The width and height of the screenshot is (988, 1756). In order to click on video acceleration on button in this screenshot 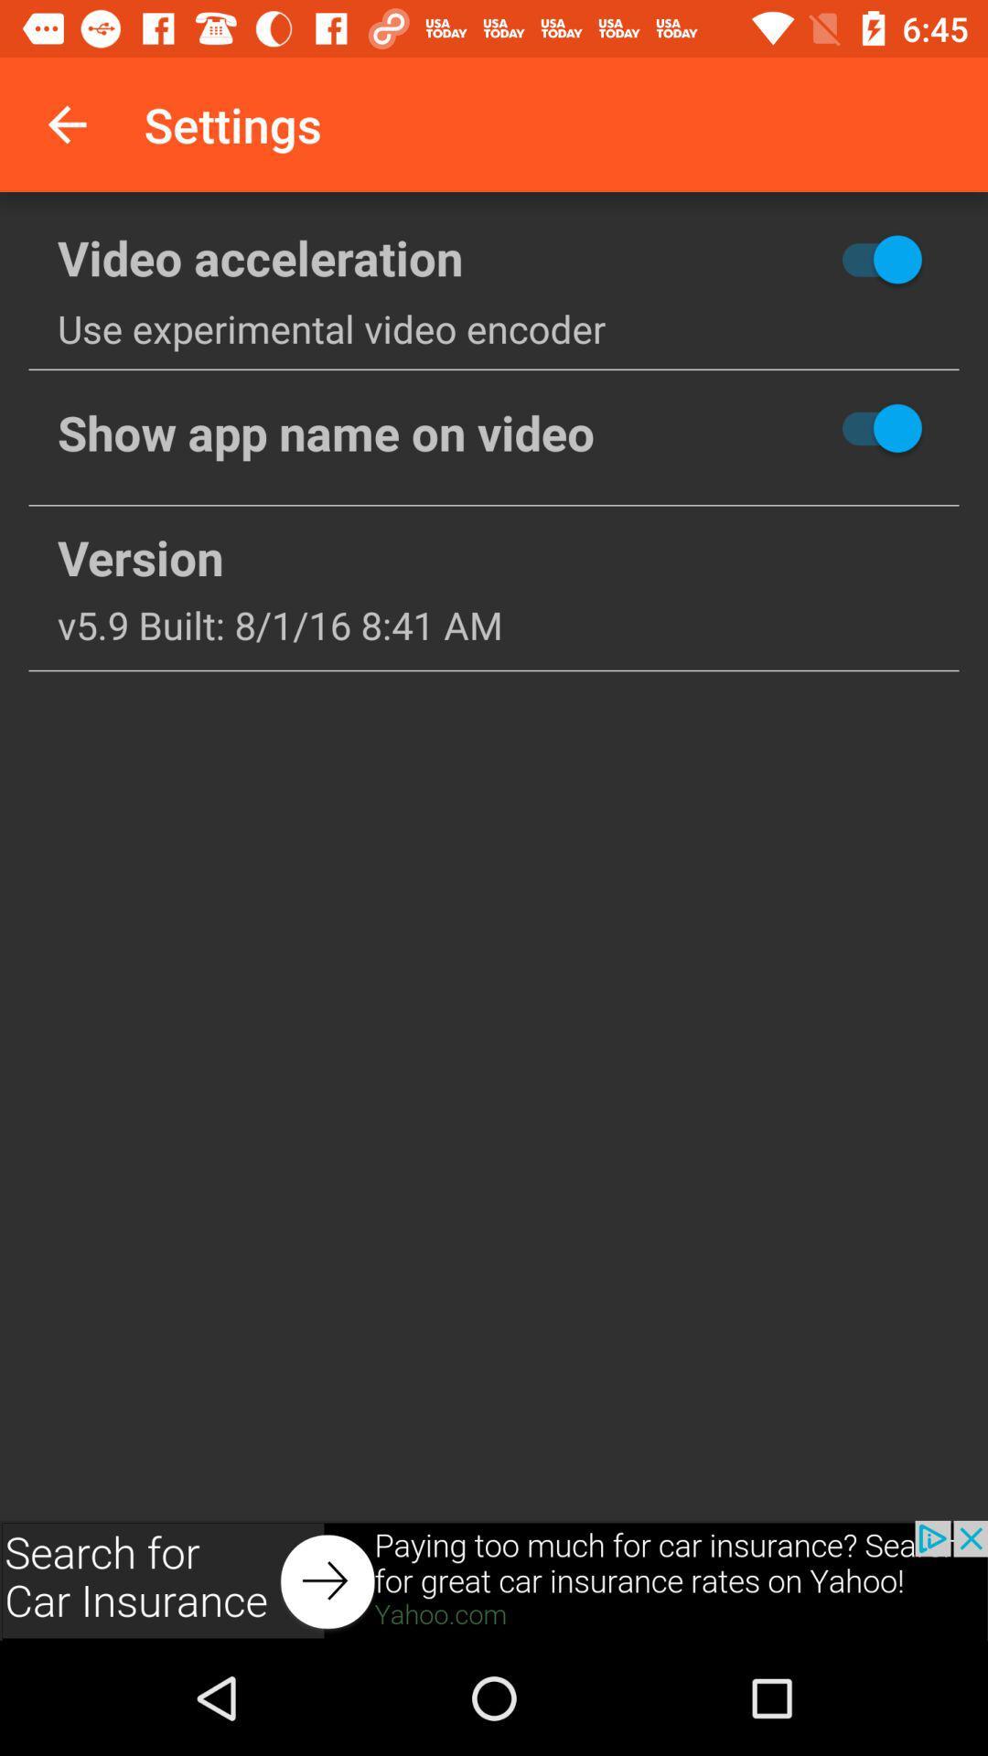, I will do `click(814, 258)`.